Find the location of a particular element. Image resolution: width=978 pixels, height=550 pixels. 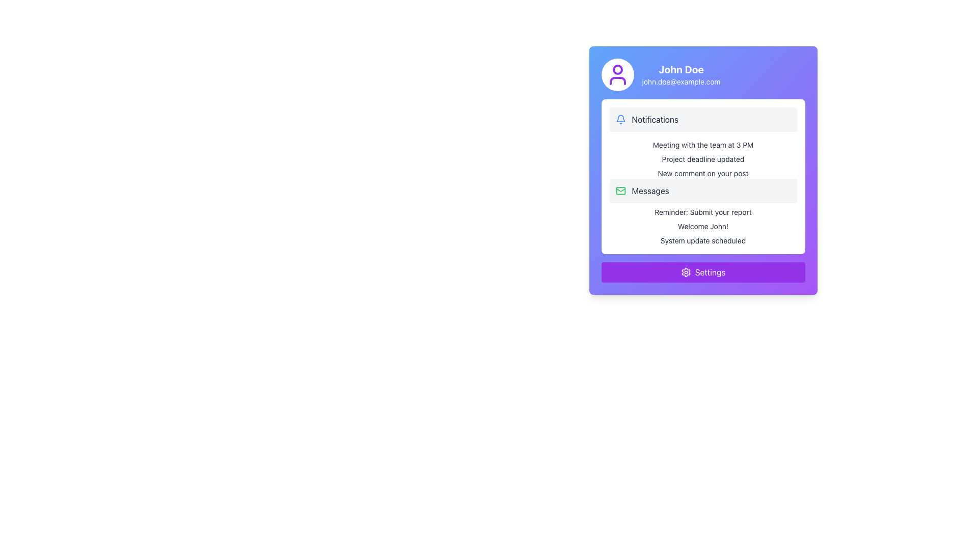

the user profile icon located in the top left corner of the vertical card interface, which is next to the name 'John Doe.' is located at coordinates (617, 74).